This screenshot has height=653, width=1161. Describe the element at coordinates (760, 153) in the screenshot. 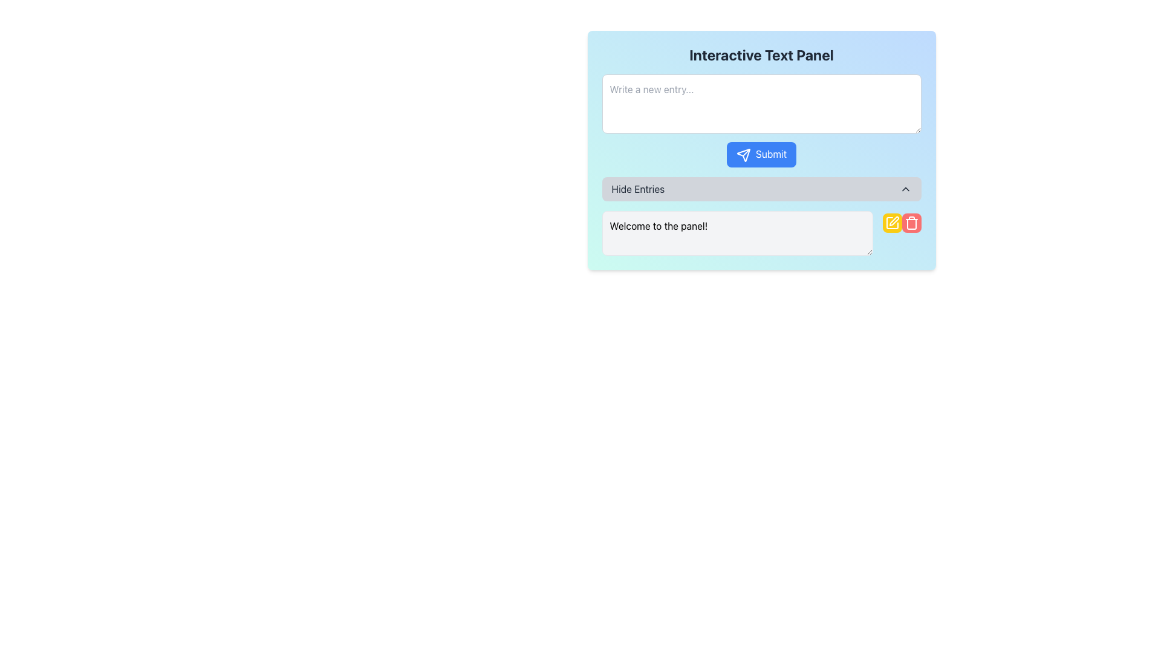

I see `the submit button located below the 'Write a new entry...' text input field` at that location.